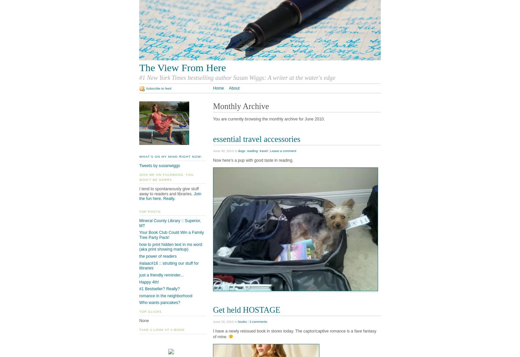 Image resolution: width=520 pixels, height=357 pixels. What do you see at coordinates (161, 329) in the screenshot?
I see `'take a look at a book'` at bounding box center [161, 329].